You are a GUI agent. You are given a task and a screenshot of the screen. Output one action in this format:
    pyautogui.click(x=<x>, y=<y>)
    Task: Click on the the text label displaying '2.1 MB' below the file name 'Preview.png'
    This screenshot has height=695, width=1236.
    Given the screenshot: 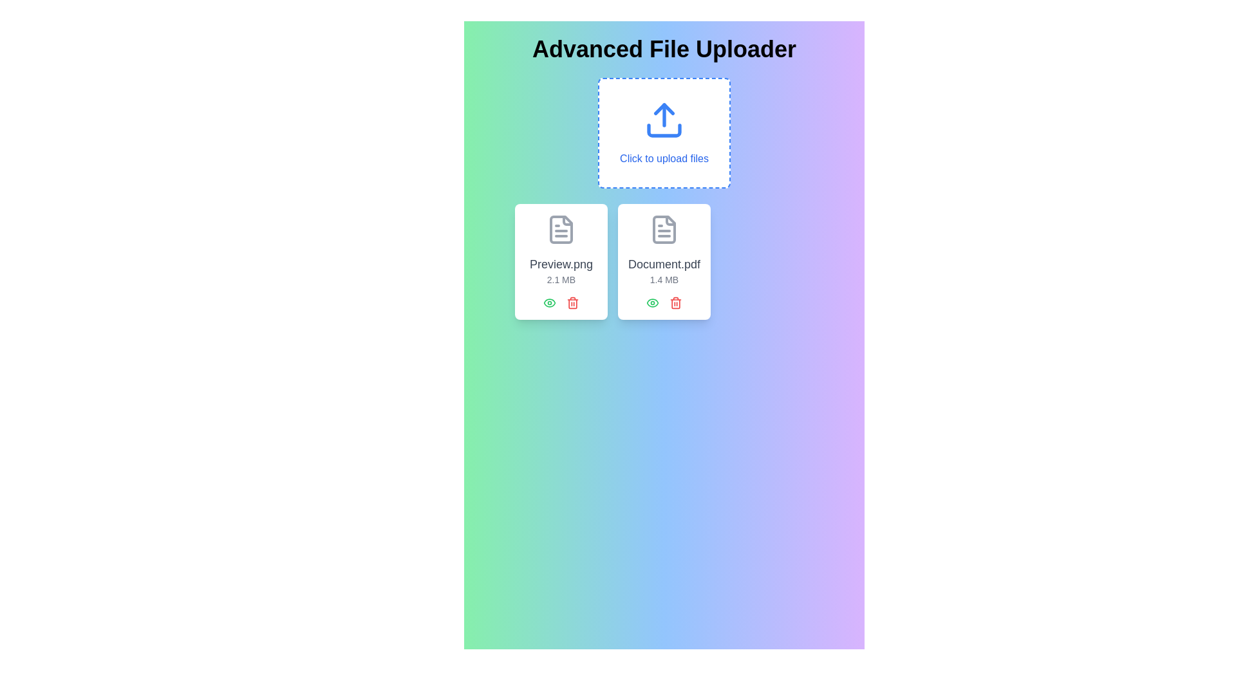 What is the action you would take?
    pyautogui.click(x=561, y=279)
    